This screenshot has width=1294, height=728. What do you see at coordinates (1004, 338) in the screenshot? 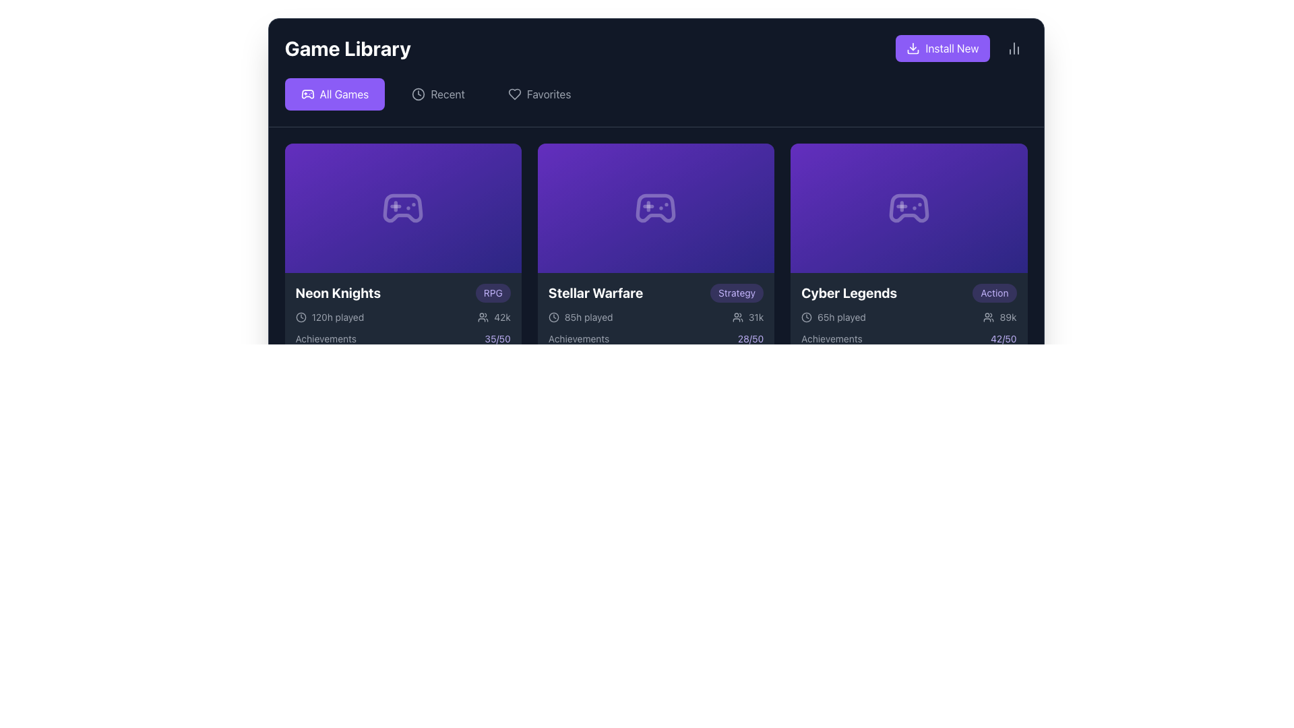
I see `the static text displaying '42/50' in violet color, located at the bottom right corner of the 'Cyber Legends' card beneath the 'Achievements' label` at bounding box center [1004, 338].